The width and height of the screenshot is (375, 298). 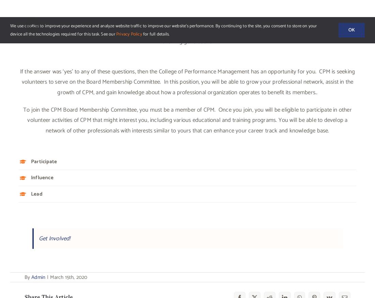 I want to click on 'Volunteer Opportunity – PEP Instructor', so click(x=225, y=103).